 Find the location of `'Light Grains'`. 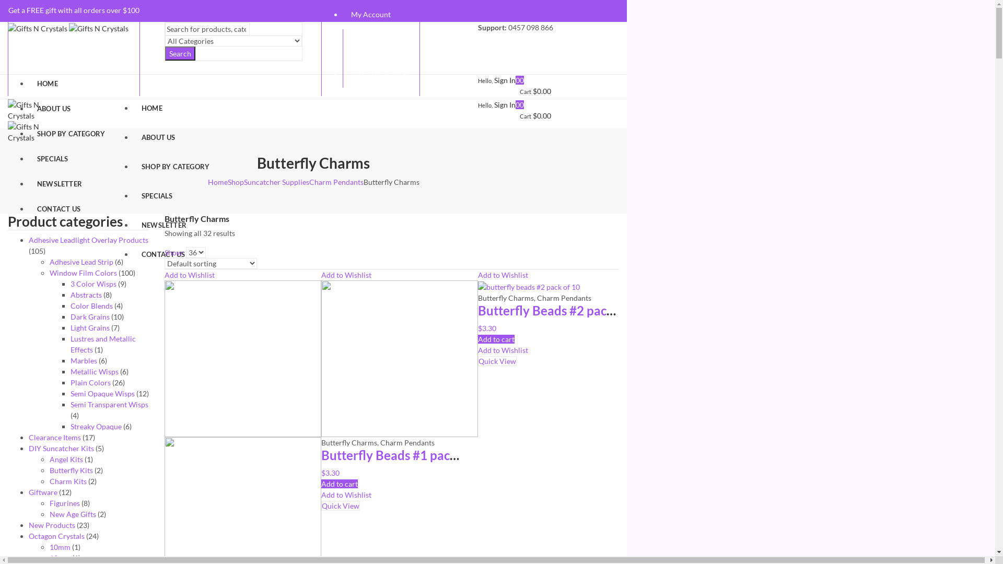

'Light Grains' is located at coordinates (90, 327).